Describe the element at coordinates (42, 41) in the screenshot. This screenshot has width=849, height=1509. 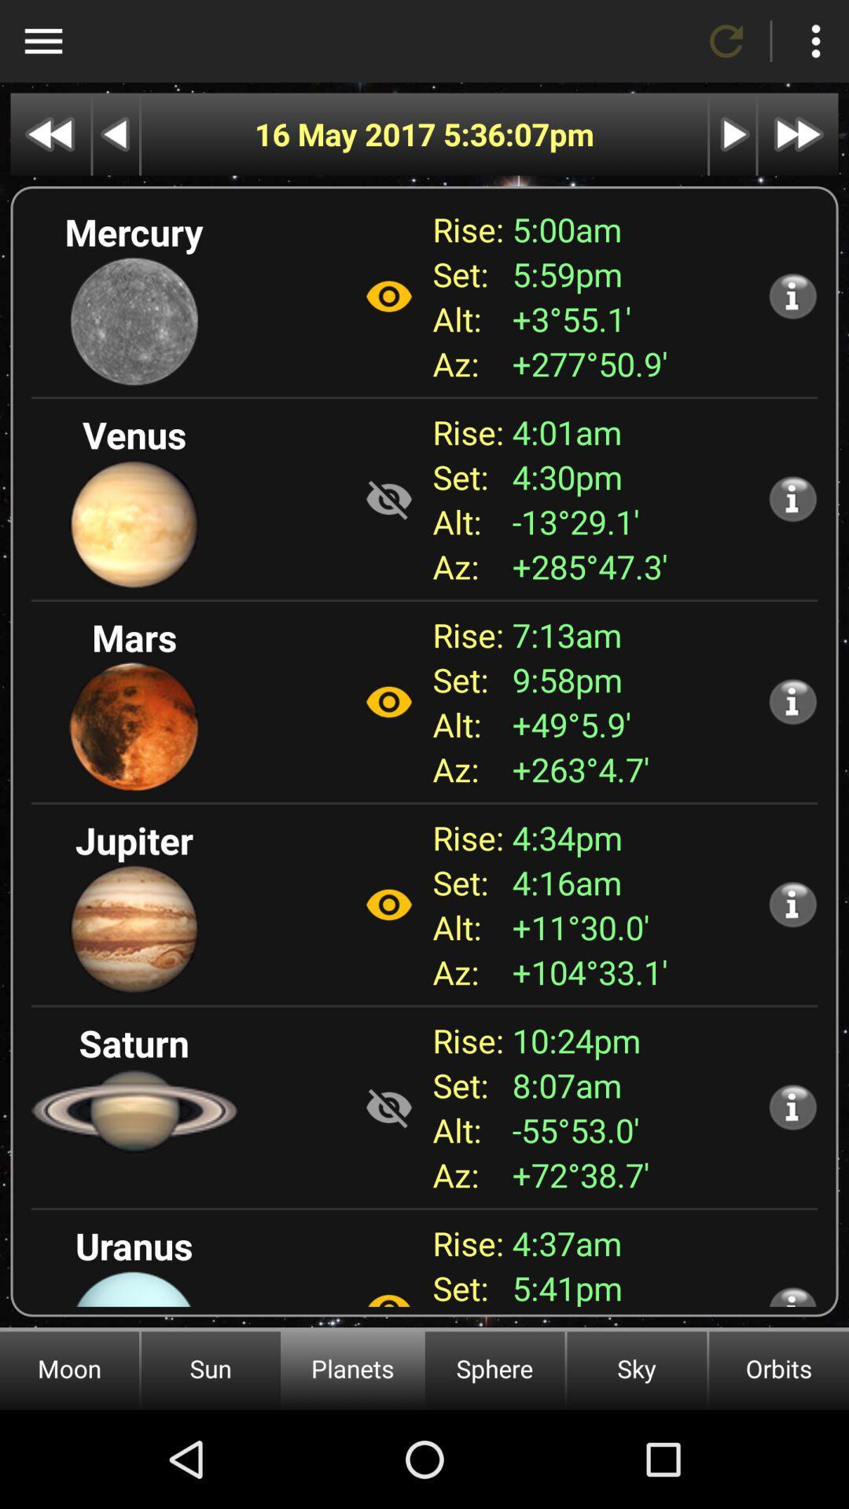
I see `show other options` at that location.